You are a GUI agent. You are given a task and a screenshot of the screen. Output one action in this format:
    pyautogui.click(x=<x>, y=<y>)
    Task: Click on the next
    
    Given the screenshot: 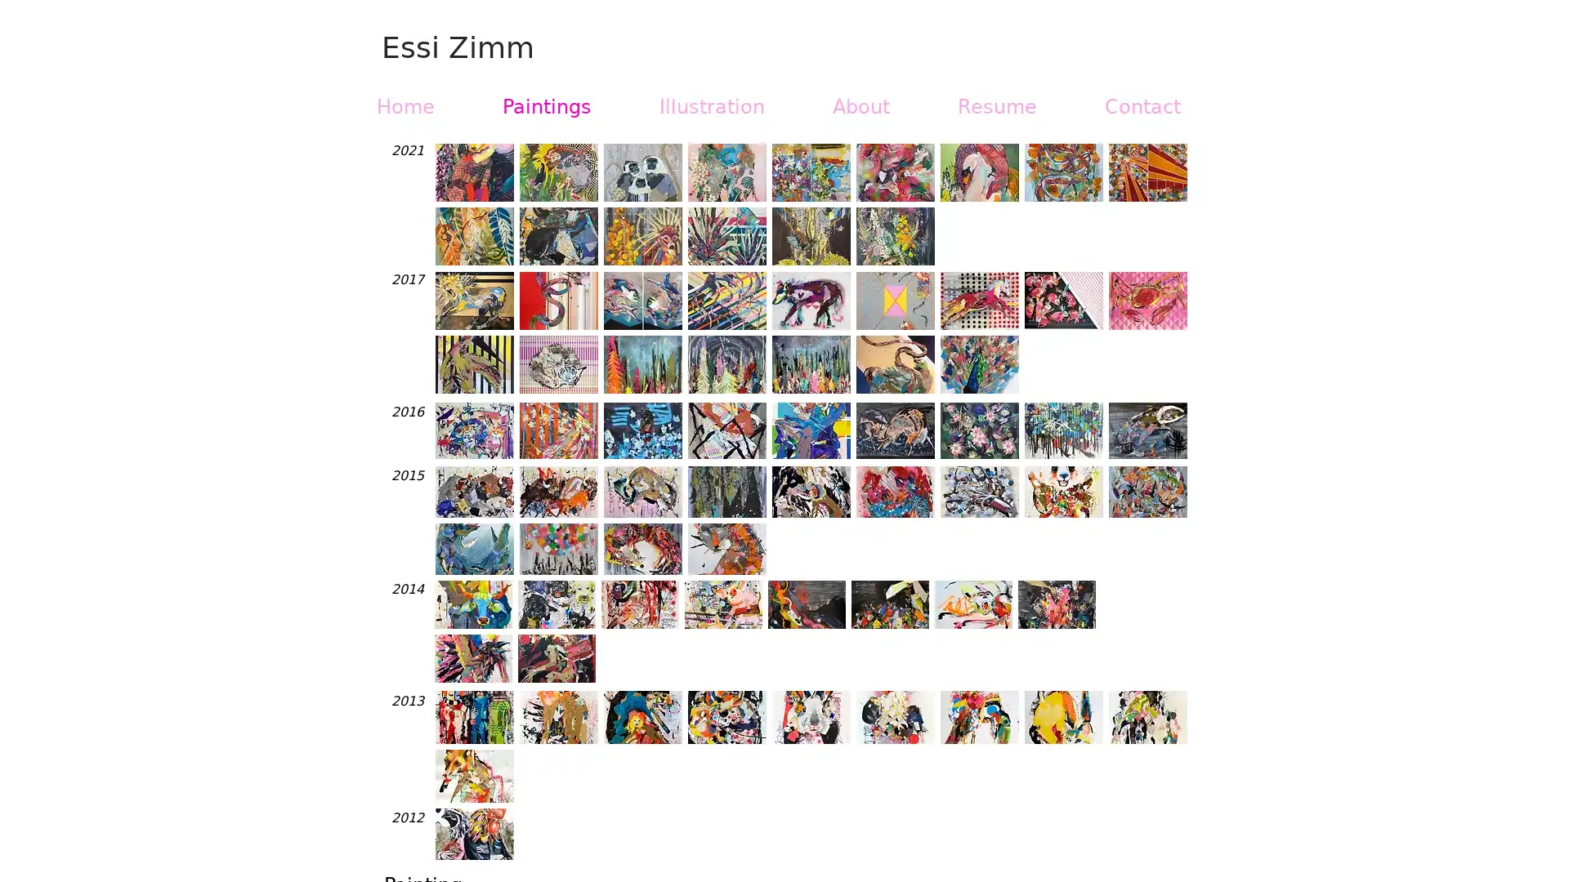 What is the action you would take?
    pyautogui.click(x=1151, y=217)
    